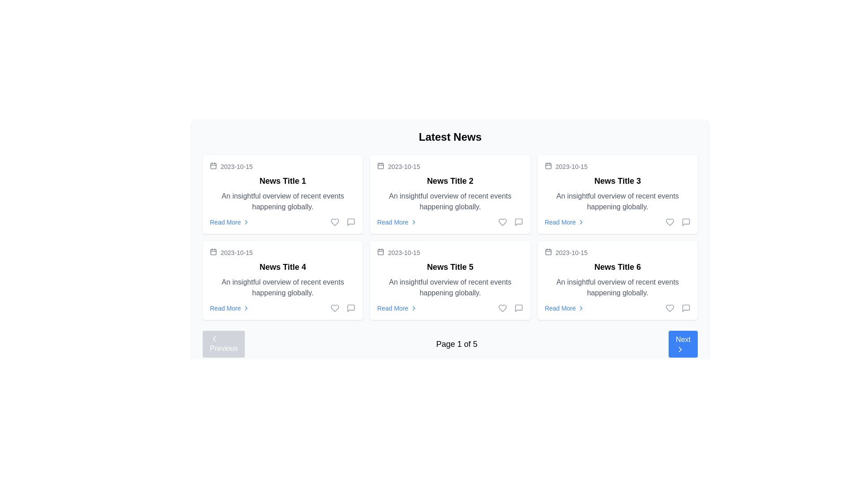 This screenshot has width=861, height=484. Describe the element at coordinates (617, 181) in the screenshot. I see `the bold, black-text styled heading displaying 'News Title 3' located in the third-column card under the 'Latest News' heading` at that location.